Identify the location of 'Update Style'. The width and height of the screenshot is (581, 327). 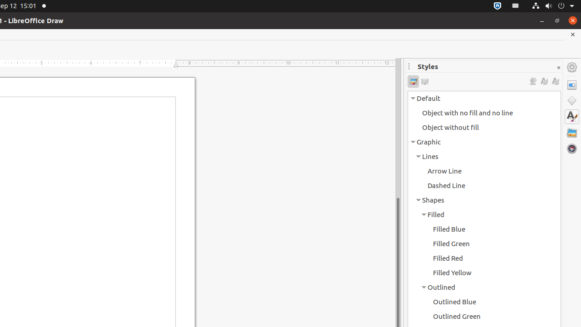
(555, 81).